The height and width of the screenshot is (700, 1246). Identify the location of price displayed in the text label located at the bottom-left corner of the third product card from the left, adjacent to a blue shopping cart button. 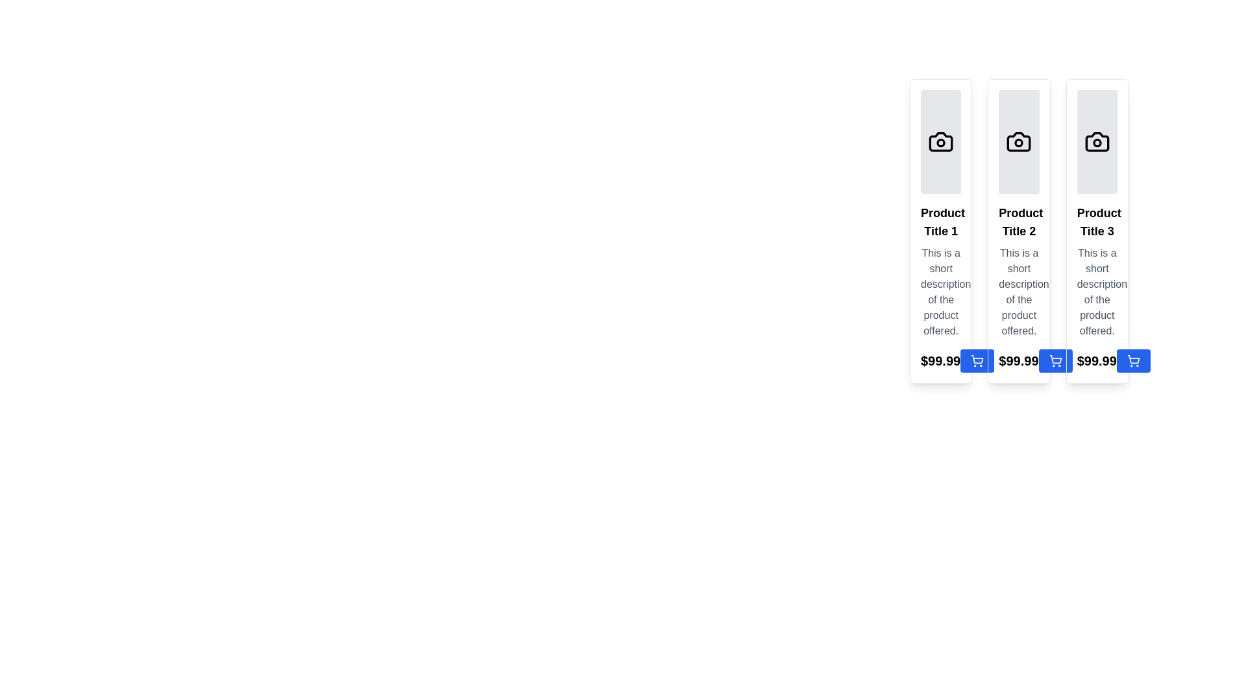
(1096, 360).